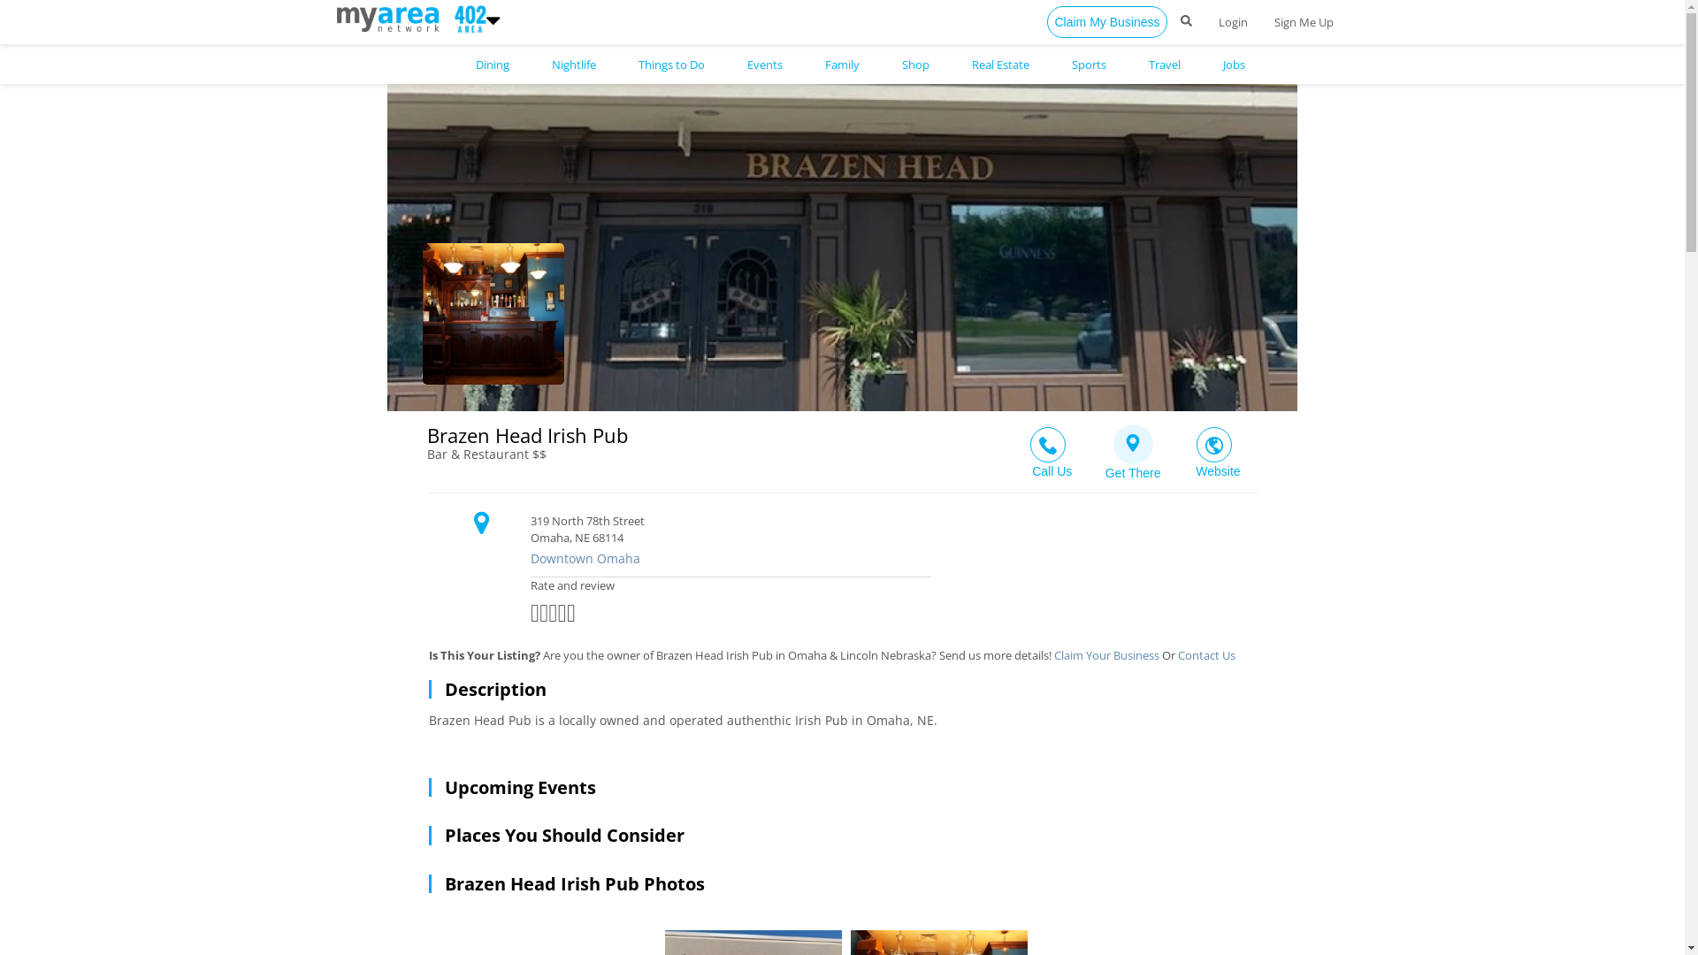  What do you see at coordinates (629, 64) in the screenshot?
I see `'Things to Do'` at bounding box center [629, 64].